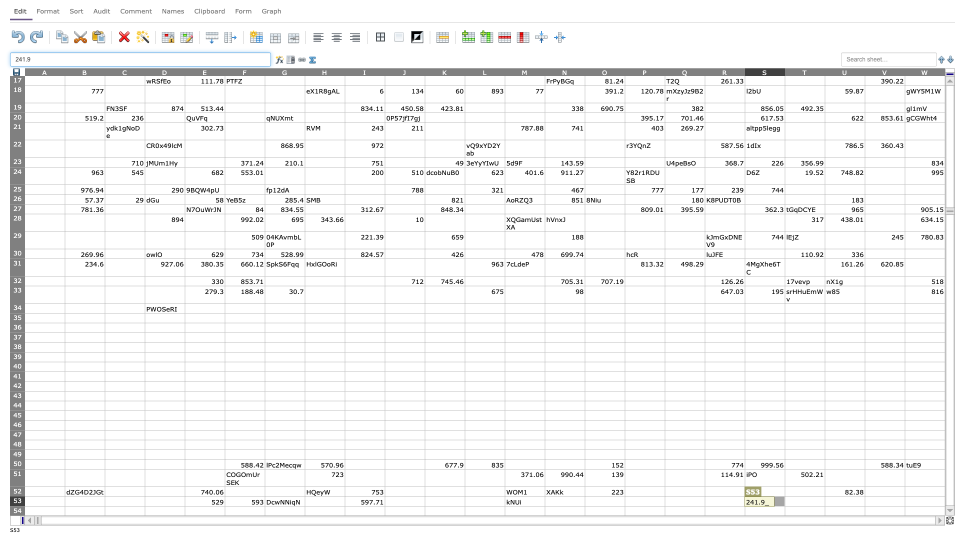 This screenshot has height=540, width=960. Describe the element at coordinates (784, 496) in the screenshot. I see `top left corner of T53` at that location.